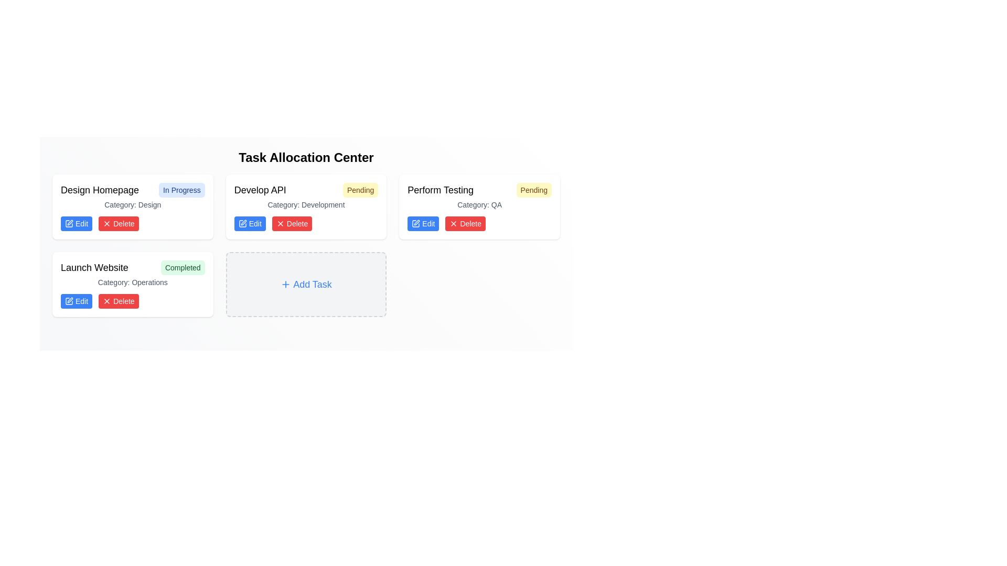  What do you see at coordinates (280, 223) in the screenshot?
I see `the small red 'X' icon on the left side of the 'Delete' button associated with the 'Develop API' task` at bounding box center [280, 223].